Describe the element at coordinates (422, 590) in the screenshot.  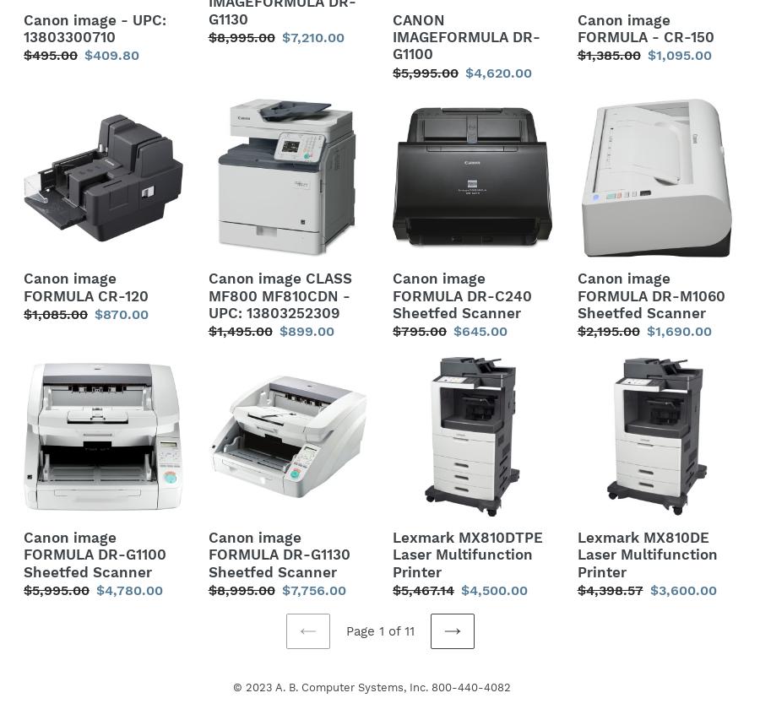
I see `'$5,467.14'` at that location.